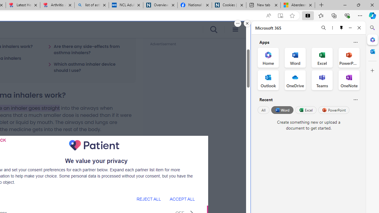 This screenshot has width=379, height=213. Describe the element at coordinates (295, 58) in the screenshot. I see `'Word Office App'` at that location.